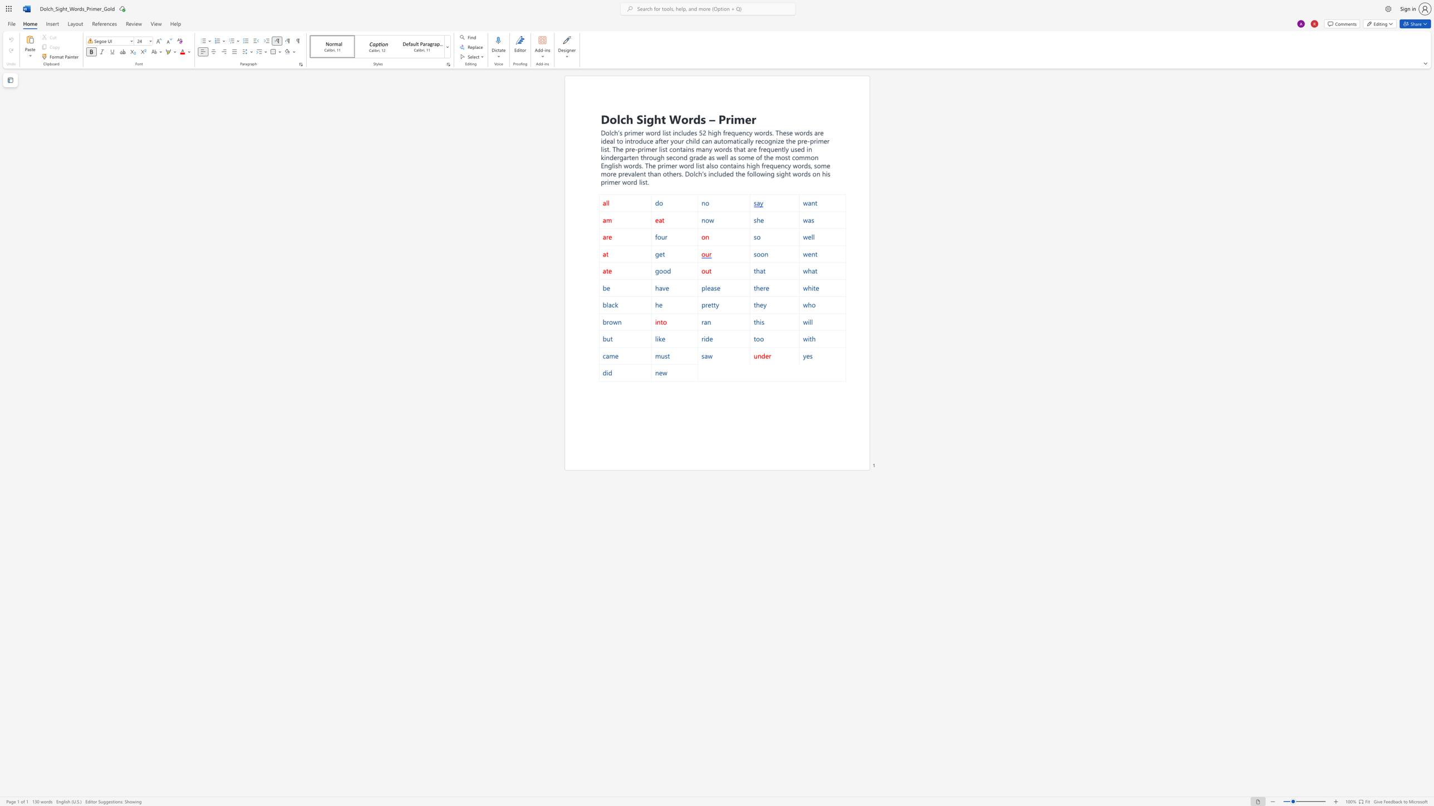 The width and height of the screenshot is (1434, 806). I want to click on the subset text "the following sight words on his primer word" within the text "high frequency words, some more prevalent than others. Dolch’s included the following sight words on his primer word list.", so click(735, 174).